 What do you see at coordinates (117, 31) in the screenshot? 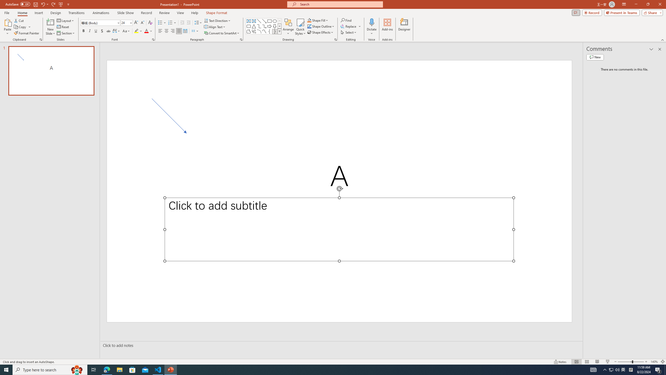
I see `'Character Spacing'` at bounding box center [117, 31].